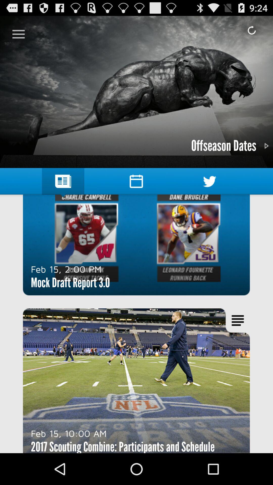 The height and width of the screenshot is (485, 273). I want to click on the bird icon and below offseason dates, so click(210, 181).